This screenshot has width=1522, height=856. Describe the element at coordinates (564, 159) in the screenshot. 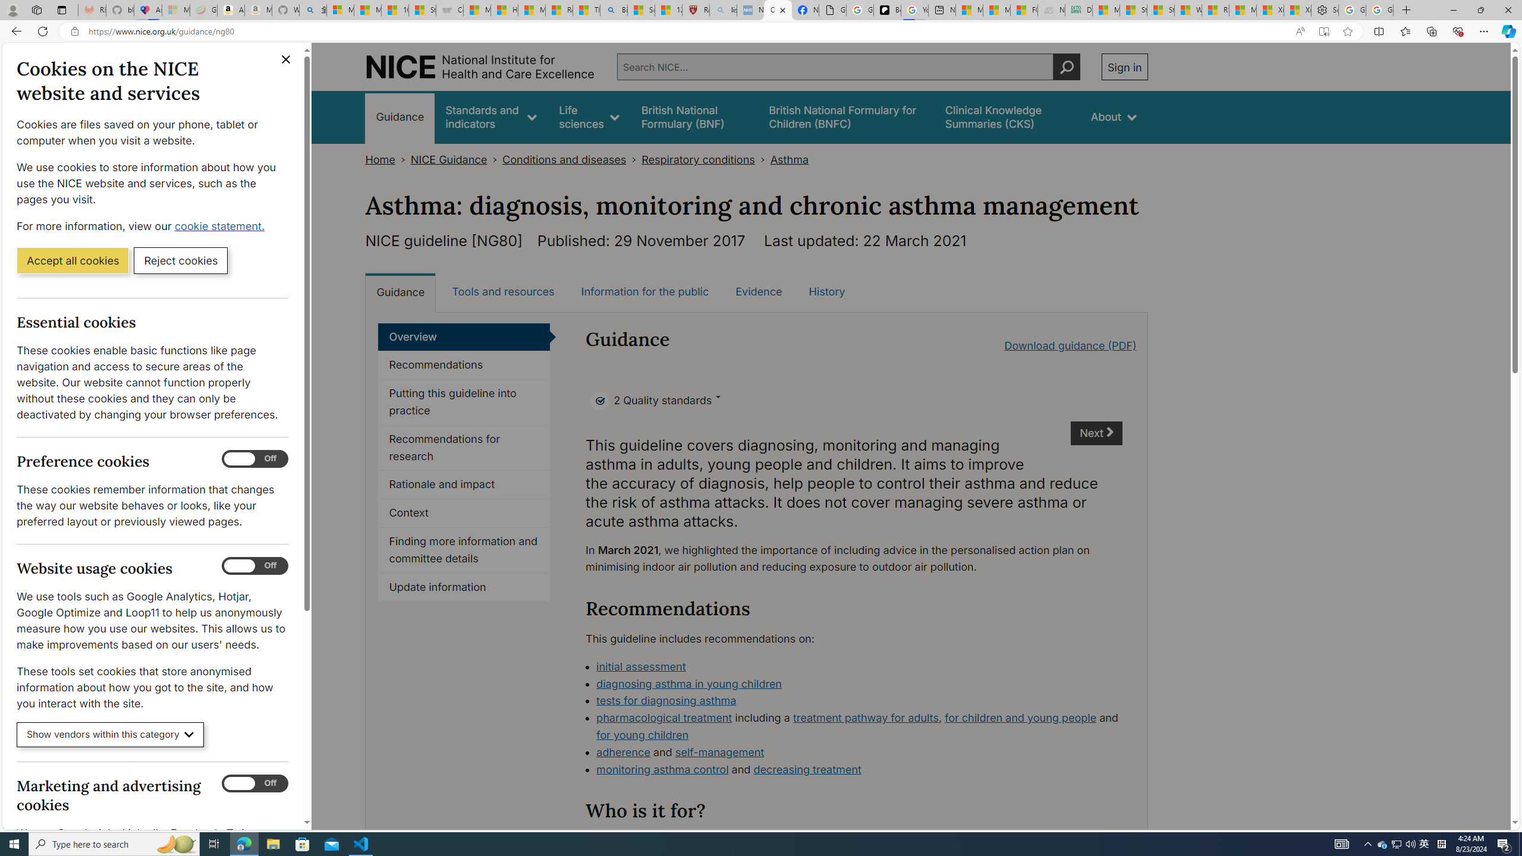

I see `'Conditions and diseases'` at that location.